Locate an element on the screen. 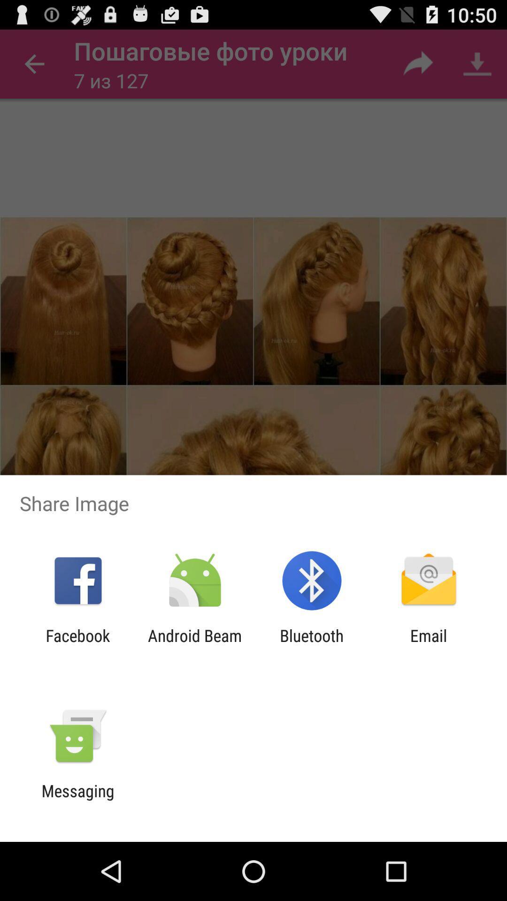 The height and width of the screenshot is (901, 507). android beam item is located at coordinates (194, 645).